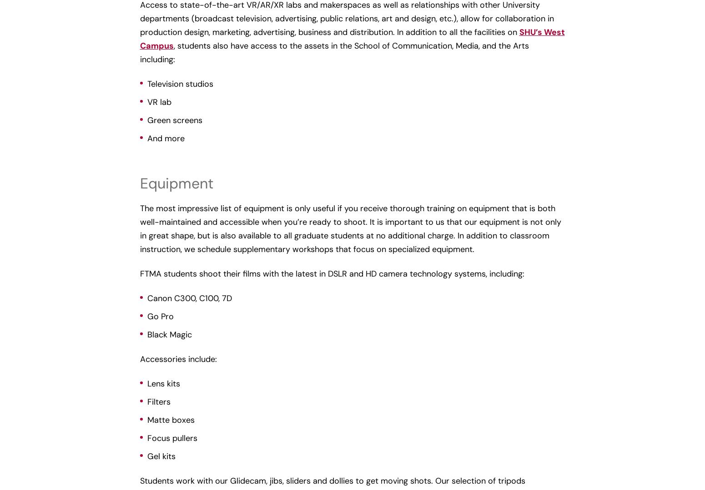 This screenshot has height=490, width=705. What do you see at coordinates (350, 228) in the screenshot?
I see `'The most impressive list of equipment is only useful if you receive thorough training on equipment that is both well-maintained and accessible when you’re ready to shoot. It is important to us that our equipment is not only in great shape, but is also available to all graduate students at no additional charge. In addition to classroom instruction, we schedule supplementary workshops that focus on specialized equipment.'` at bounding box center [350, 228].